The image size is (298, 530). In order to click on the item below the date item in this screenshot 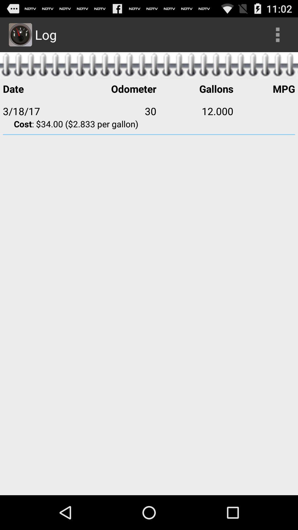, I will do `click(118, 111)`.